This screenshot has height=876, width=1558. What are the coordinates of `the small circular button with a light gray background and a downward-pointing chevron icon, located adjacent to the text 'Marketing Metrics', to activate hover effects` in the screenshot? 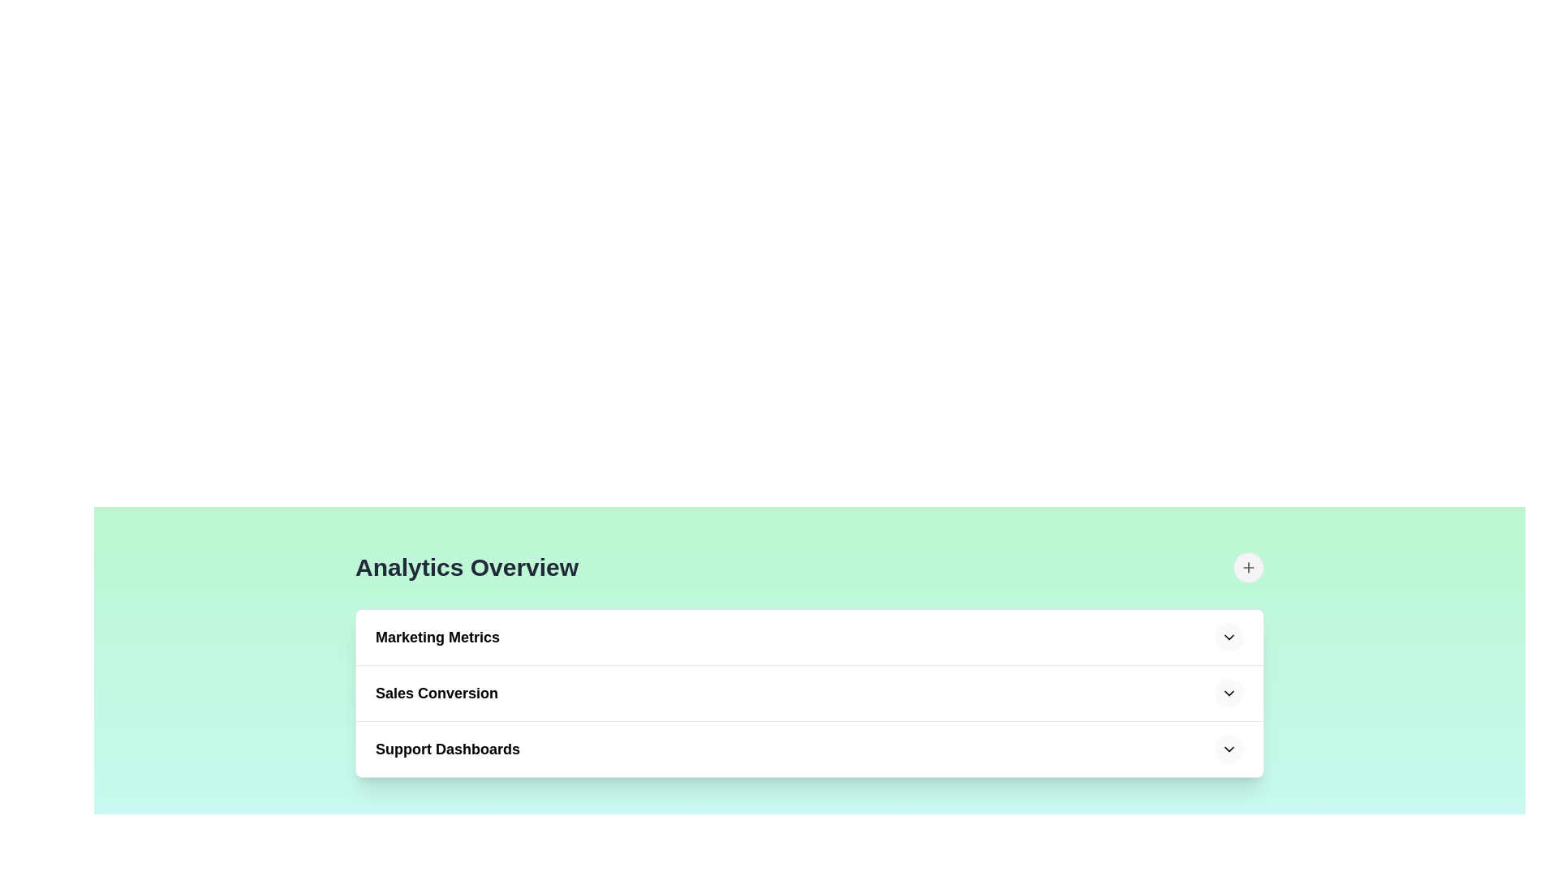 It's located at (1229, 637).